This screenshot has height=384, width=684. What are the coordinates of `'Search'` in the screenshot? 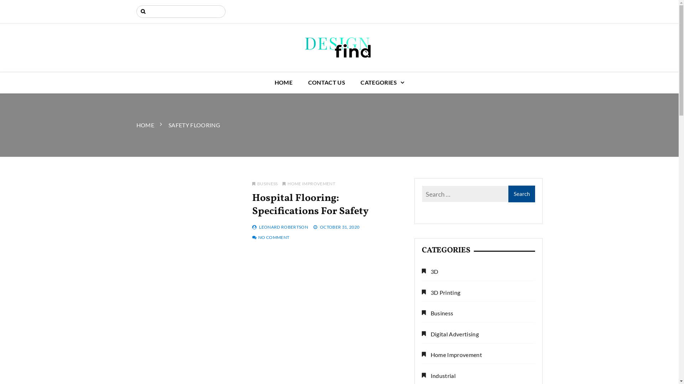 It's located at (10, 6).